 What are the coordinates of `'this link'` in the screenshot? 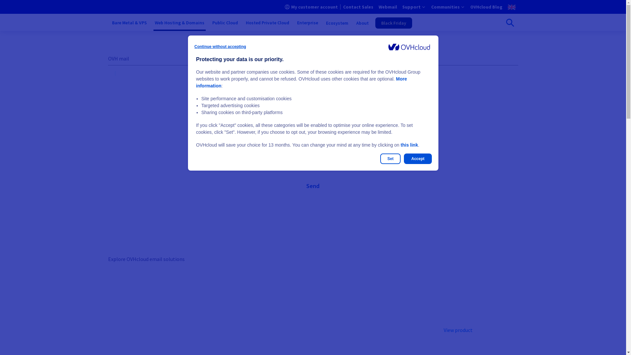 It's located at (409, 144).